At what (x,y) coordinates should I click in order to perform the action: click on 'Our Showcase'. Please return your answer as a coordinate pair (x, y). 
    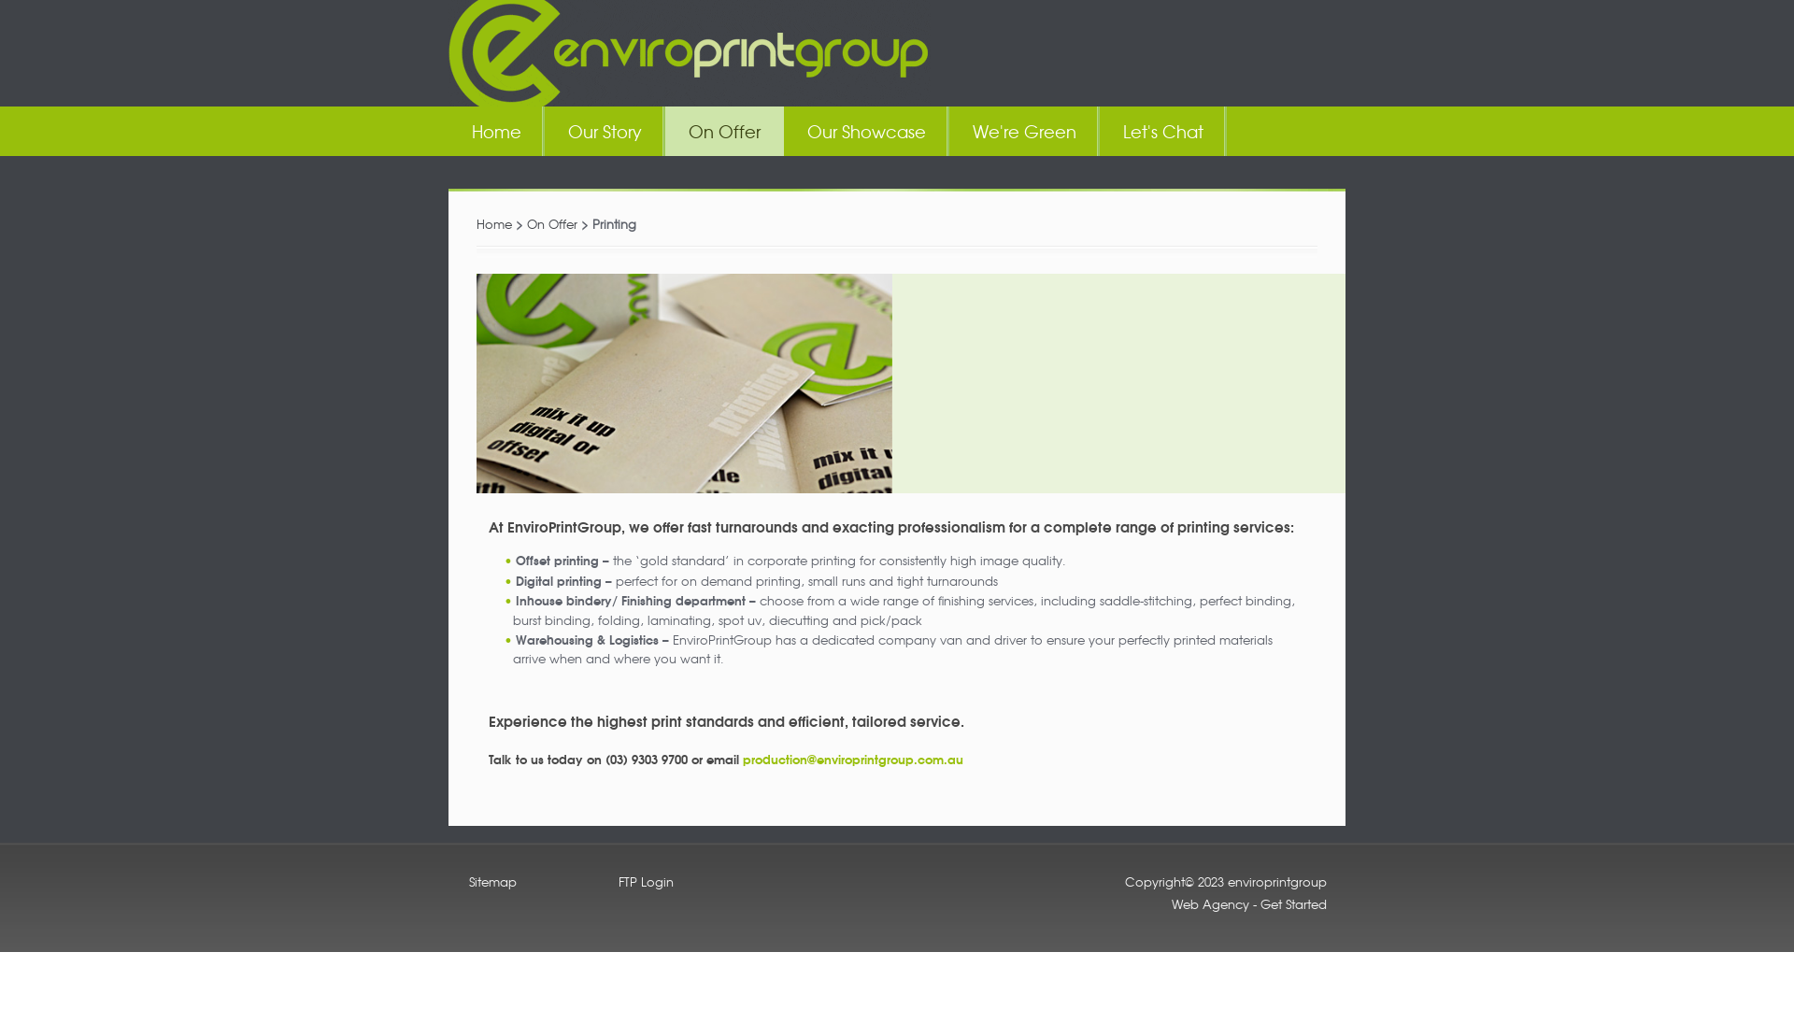
    Looking at the image, I should click on (865, 130).